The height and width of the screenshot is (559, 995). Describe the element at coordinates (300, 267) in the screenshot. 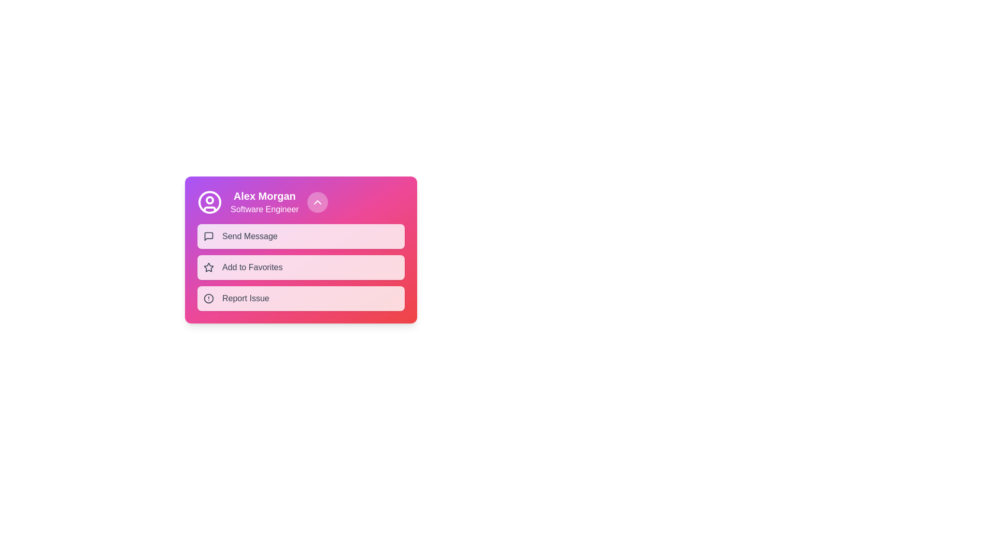

I see `the 'Add to Favorites' button using keyboard navigation` at that location.